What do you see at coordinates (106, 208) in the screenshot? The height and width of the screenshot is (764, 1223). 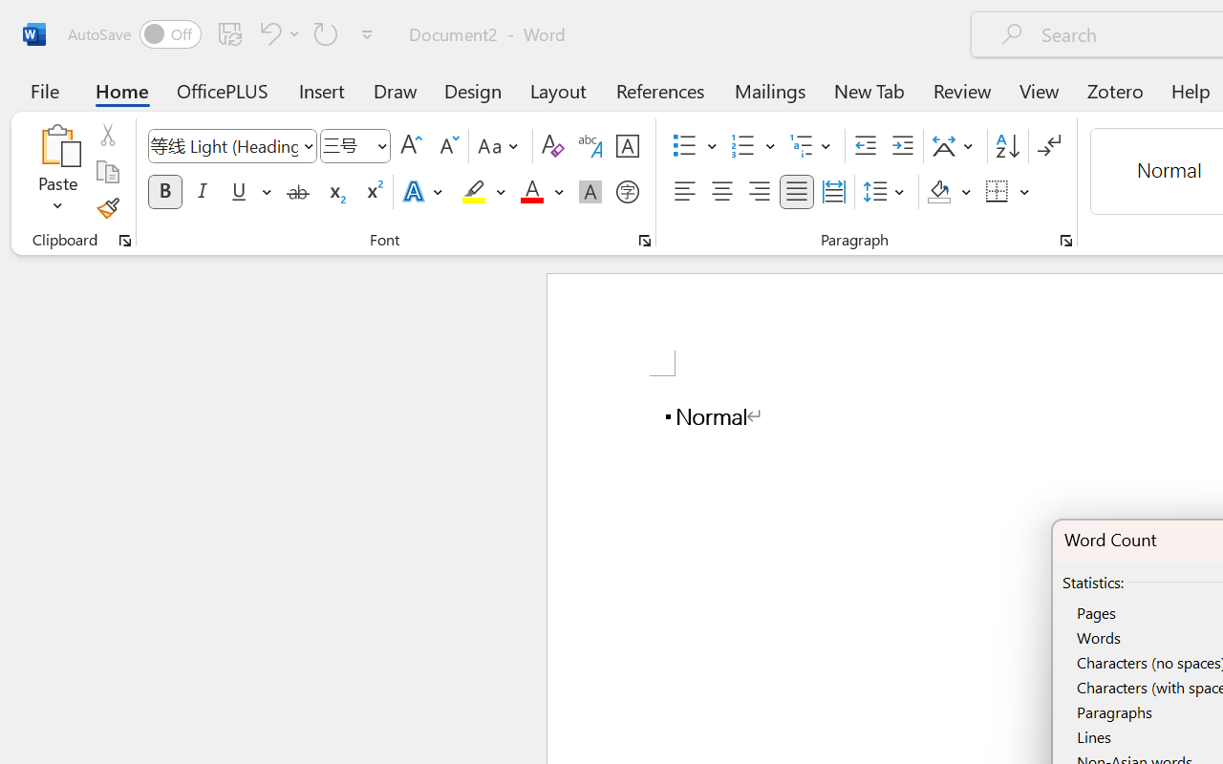 I see `'Format Painter'` at bounding box center [106, 208].